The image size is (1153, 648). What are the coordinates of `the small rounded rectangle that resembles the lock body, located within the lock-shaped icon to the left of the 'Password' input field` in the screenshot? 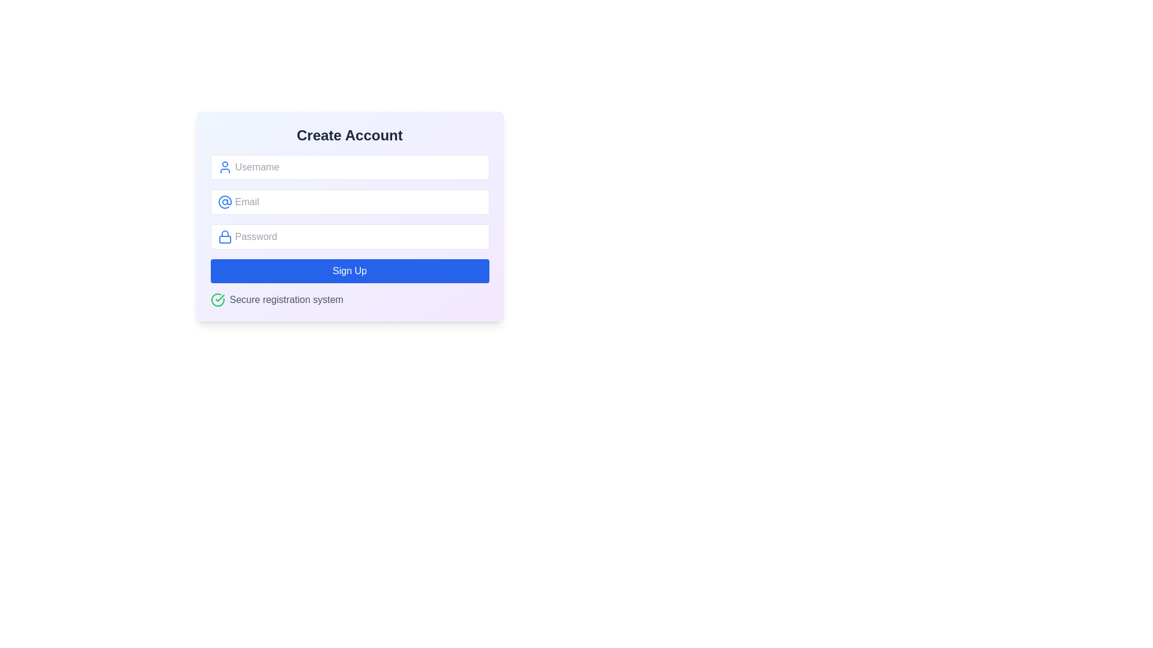 It's located at (225, 239).